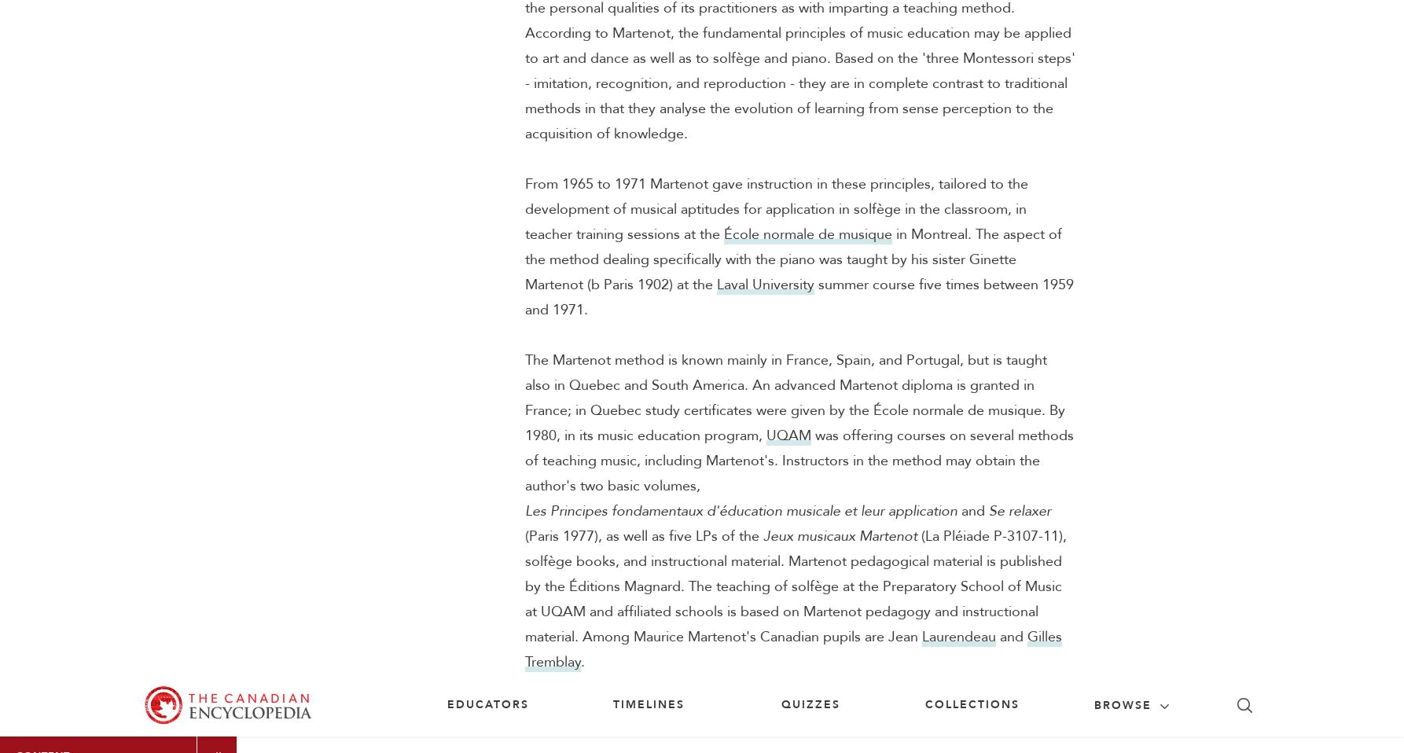  What do you see at coordinates (1082, 493) in the screenshot?
I see `'Take our survey'` at bounding box center [1082, 493].